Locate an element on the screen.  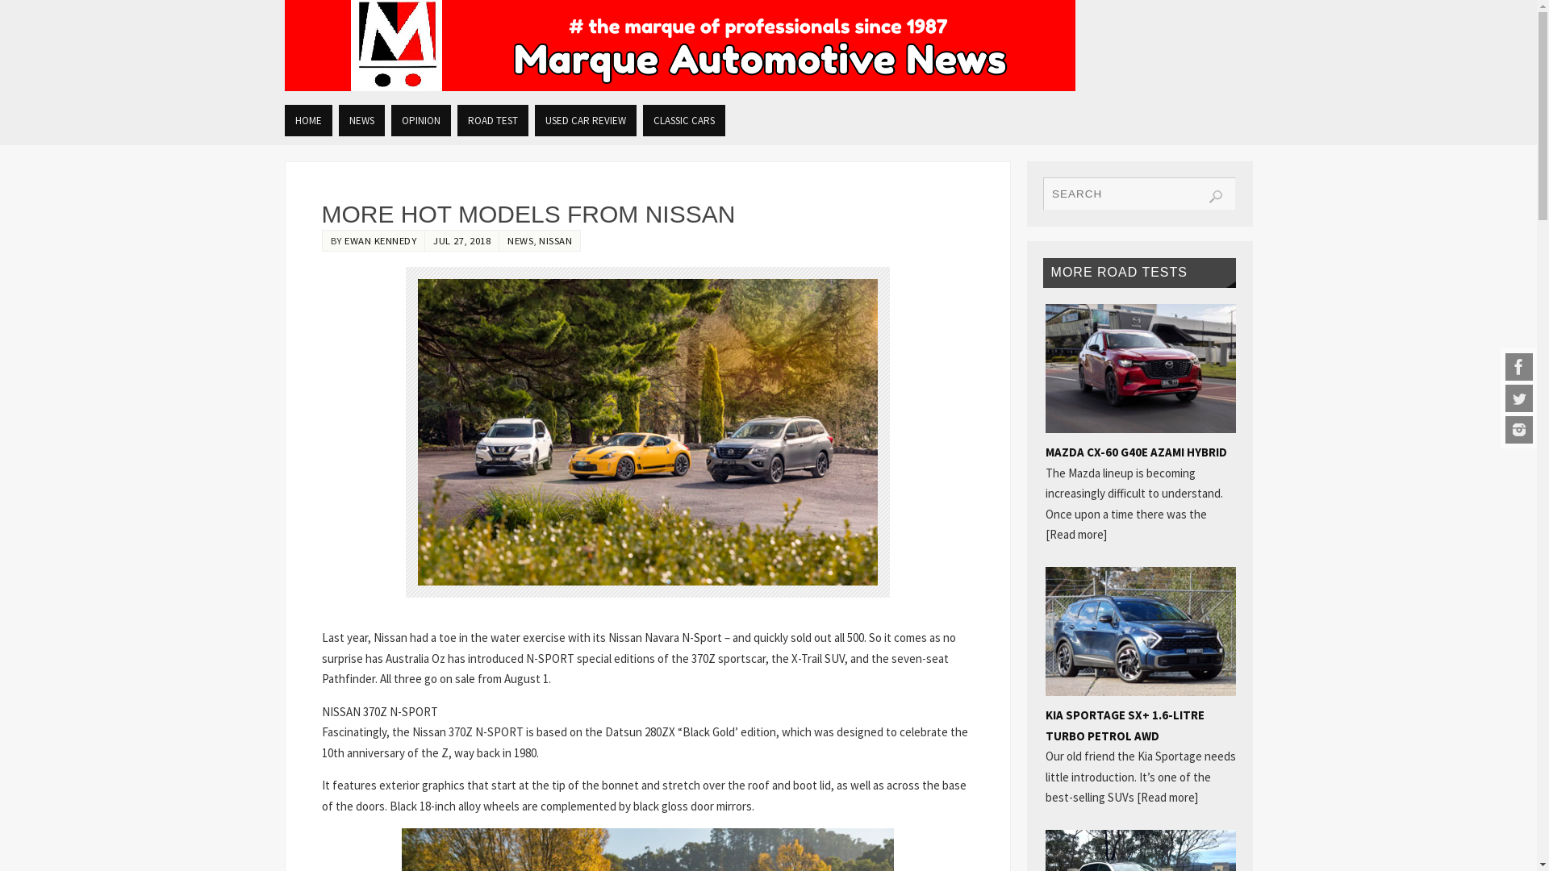
'KIA SPORTAGE SX+ 1.6-LITRE TURBO PETROL AWD' is located at coordinates (1124, 724).